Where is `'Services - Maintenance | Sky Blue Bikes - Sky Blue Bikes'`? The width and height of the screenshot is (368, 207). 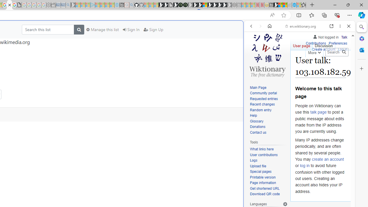 'Services - Maintenance | Sky Blue Bikes - Sky Blue Bikes' is located at coordinates (294, 5).